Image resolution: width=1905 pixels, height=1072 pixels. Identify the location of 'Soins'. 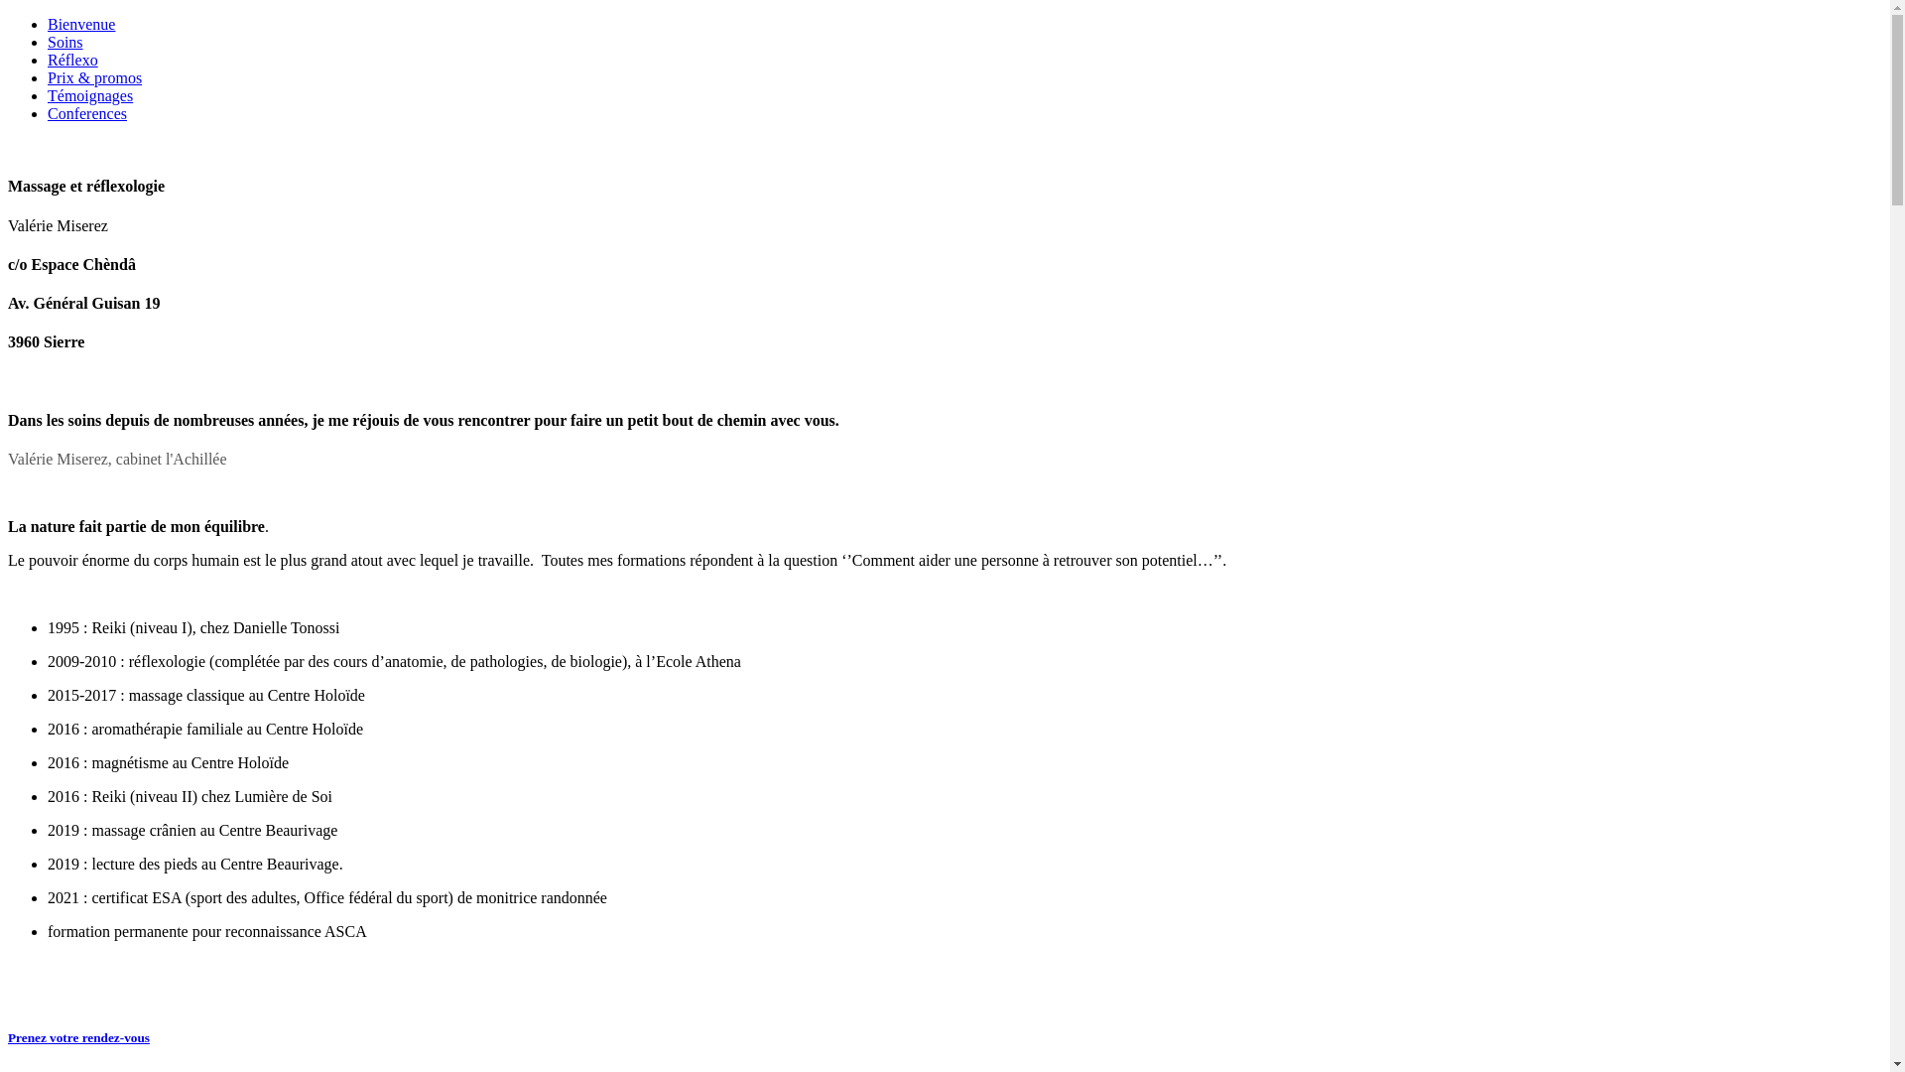
(48, 42).